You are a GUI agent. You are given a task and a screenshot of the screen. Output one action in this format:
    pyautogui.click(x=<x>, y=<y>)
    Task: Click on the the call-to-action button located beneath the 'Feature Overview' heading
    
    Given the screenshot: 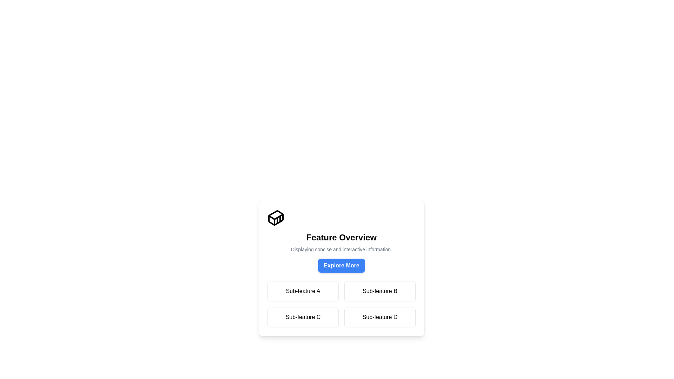 What is the action you would take?
    pyautogui.click(x=342, y=265)
    